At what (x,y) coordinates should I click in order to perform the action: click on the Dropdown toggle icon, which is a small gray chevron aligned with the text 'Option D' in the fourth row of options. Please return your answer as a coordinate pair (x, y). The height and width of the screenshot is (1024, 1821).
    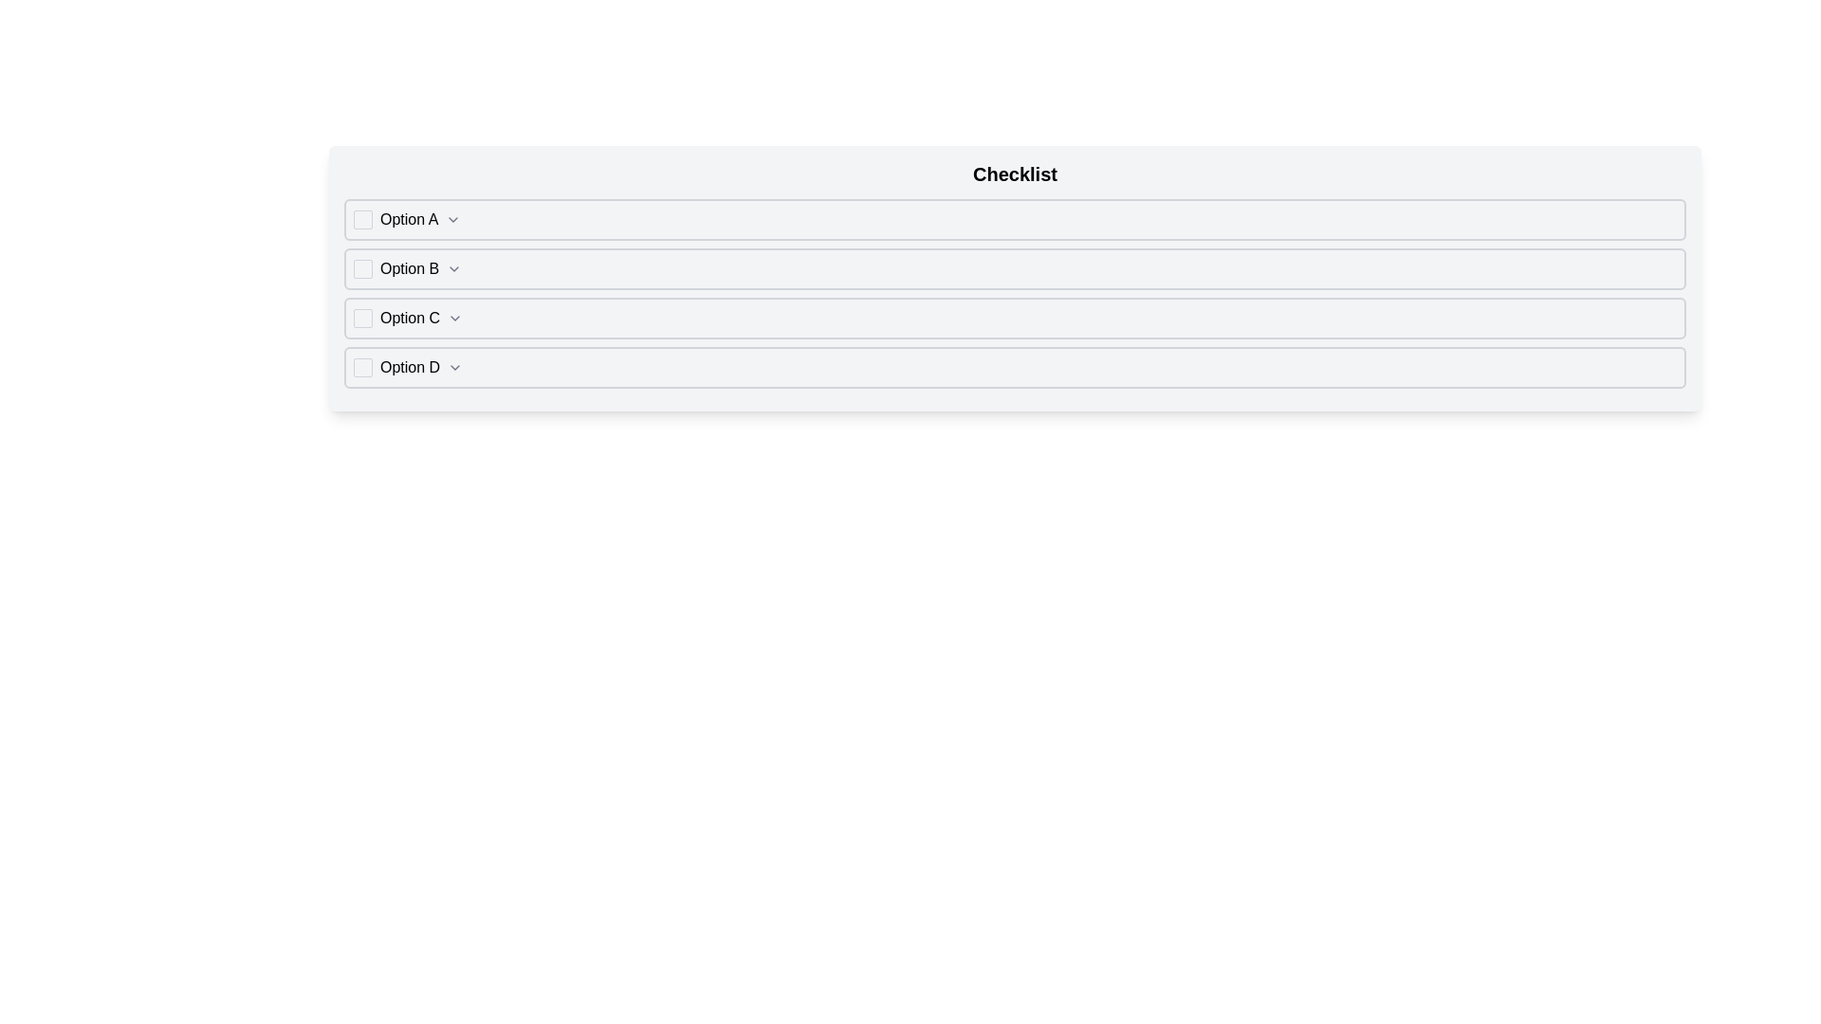
    Looking at the image, I should click on (455, 368).